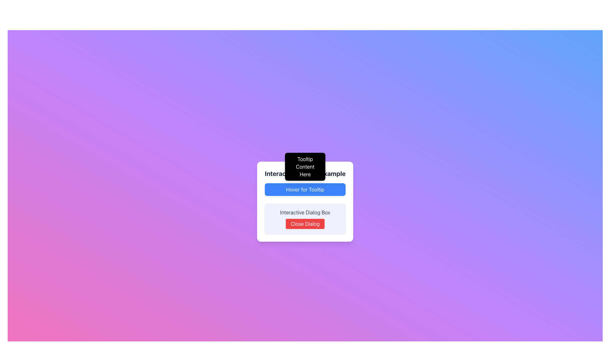  I want to click on the button with a blue background and white text labeled 'Hover for Tooltip', located within a white rounded rectangle card, positioned below the text 'Interactive Tooltip Example', so click(305, 189).